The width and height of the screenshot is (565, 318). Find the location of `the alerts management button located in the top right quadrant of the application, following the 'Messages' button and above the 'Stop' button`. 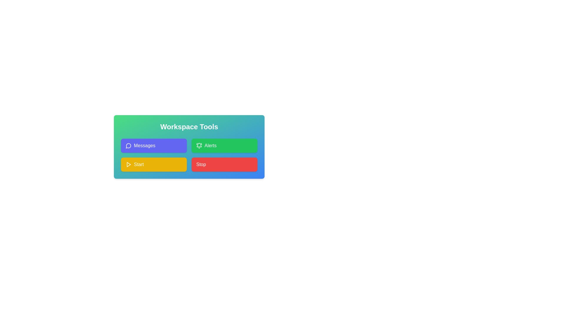

the alerts management button located in the top right quadrant of the application, following the 'Messages' button and above the 'Stop' button is located at coordinates (224, 145).